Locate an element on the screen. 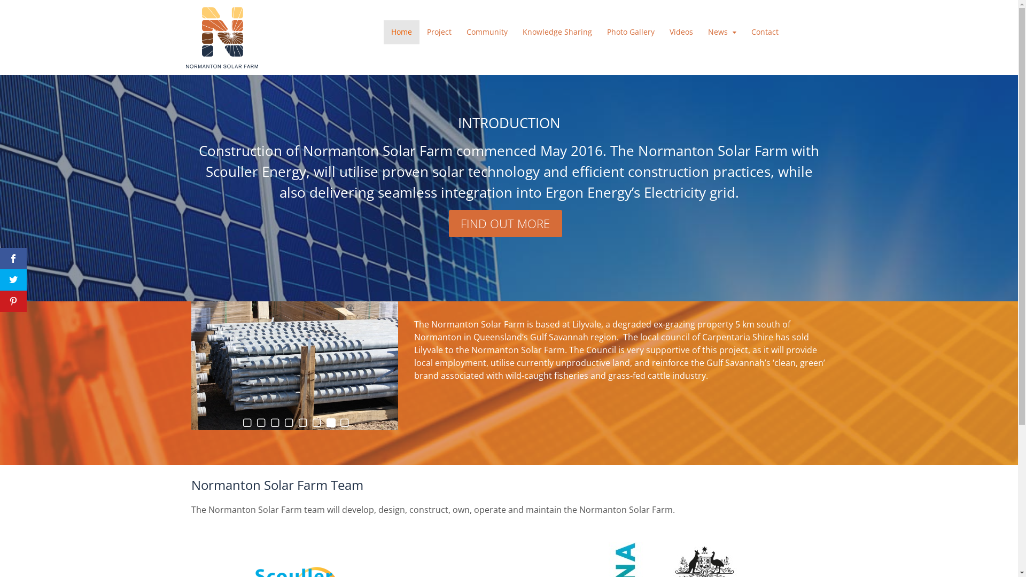 The image size is (1026, 577). 'Community' is located at coordinates (486, 32).